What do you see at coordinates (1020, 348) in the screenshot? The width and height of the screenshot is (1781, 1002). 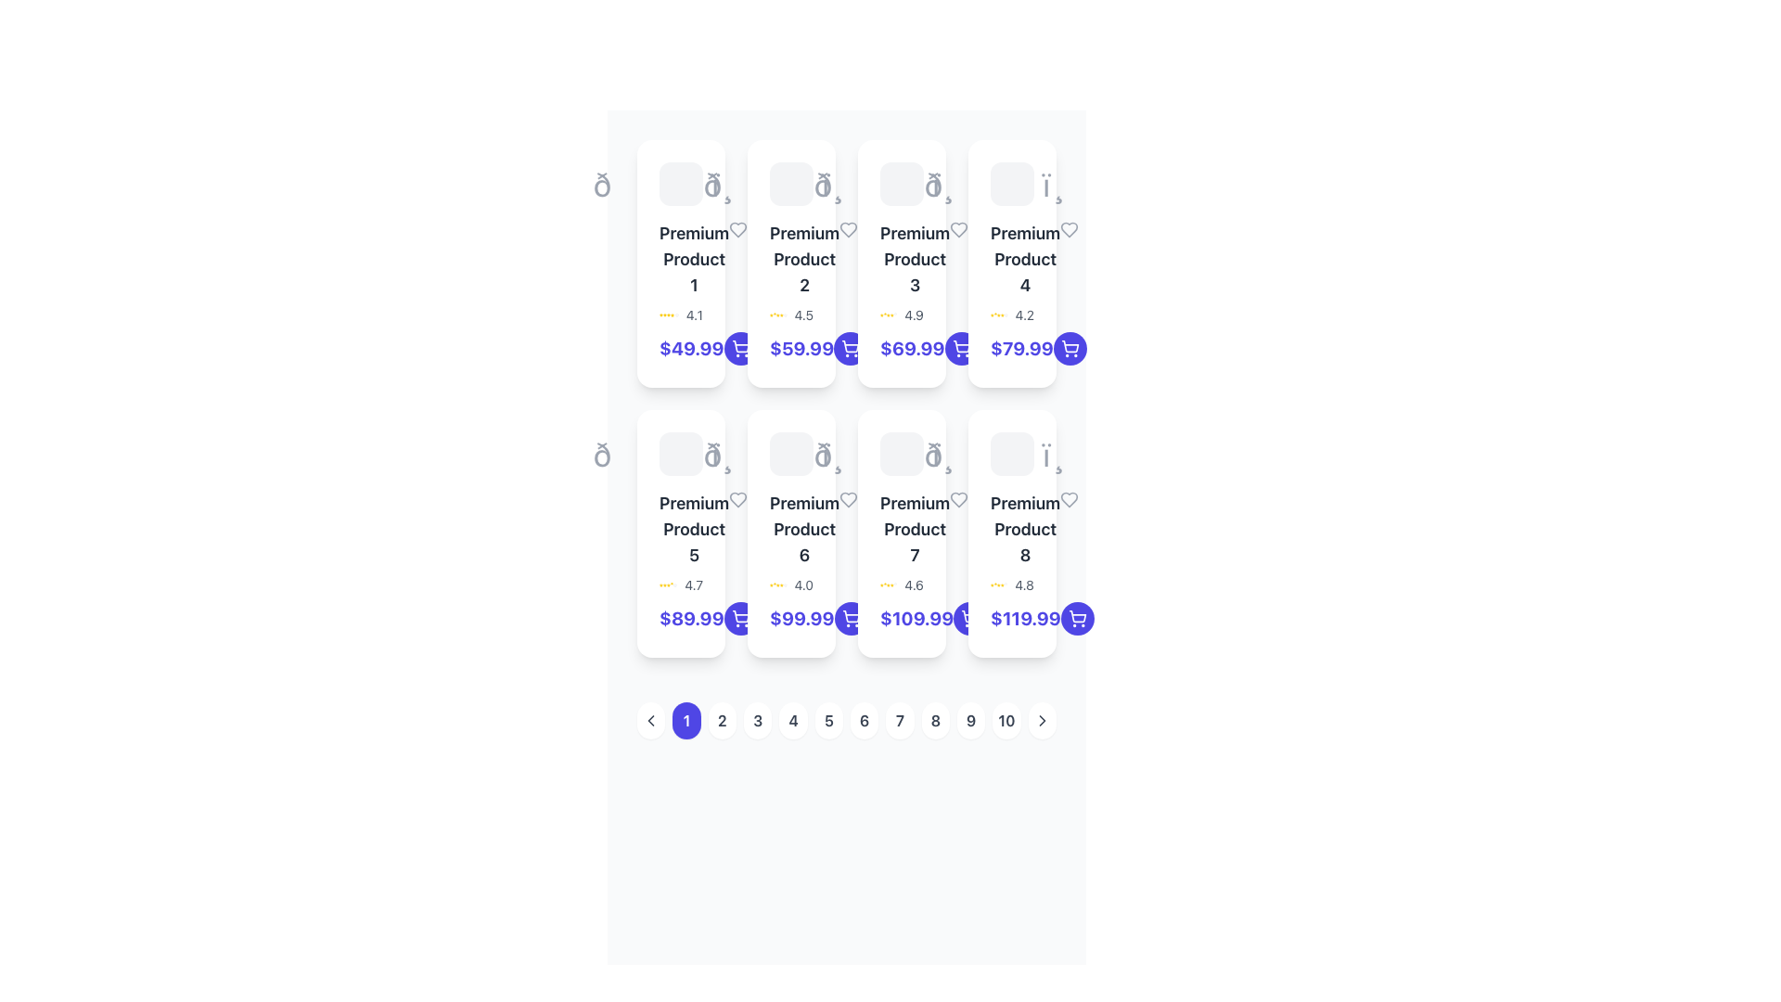 I see `the Text Display that shows the price of the highlighted product located in the fourth product card, positioned at the bottom-center of the card` at bounding box center [1020, 348].